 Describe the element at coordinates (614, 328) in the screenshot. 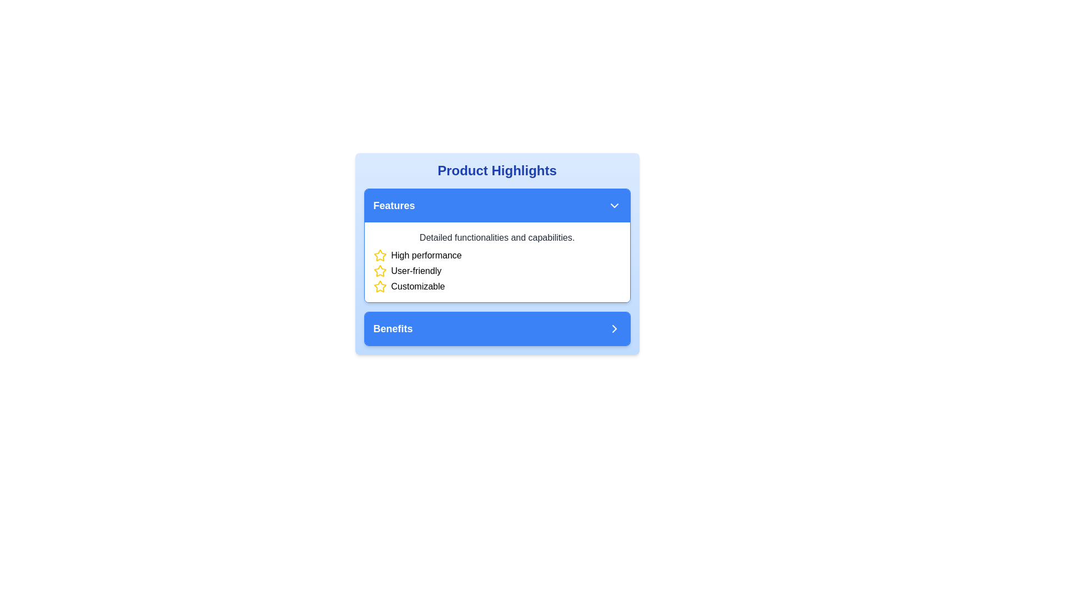

I see `the Chevron icon located at the top-right corner of the 'Benefits' section` at that location.